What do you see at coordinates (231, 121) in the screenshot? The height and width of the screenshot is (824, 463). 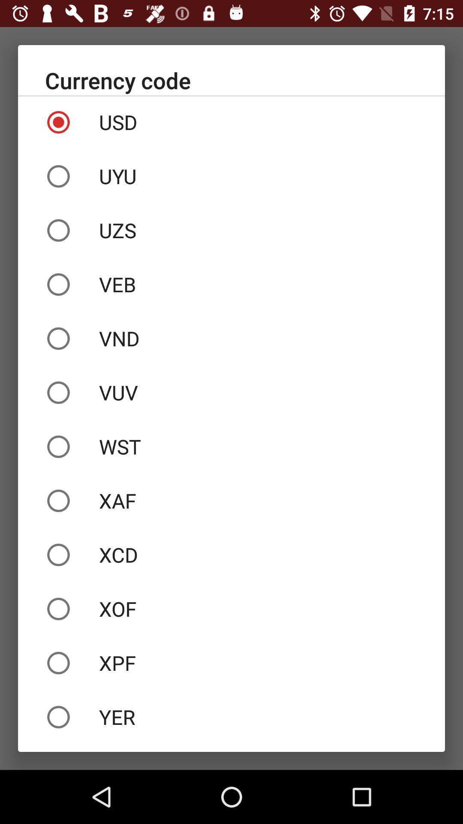 I see `the item below currency code` at bounding box center [231, 121].